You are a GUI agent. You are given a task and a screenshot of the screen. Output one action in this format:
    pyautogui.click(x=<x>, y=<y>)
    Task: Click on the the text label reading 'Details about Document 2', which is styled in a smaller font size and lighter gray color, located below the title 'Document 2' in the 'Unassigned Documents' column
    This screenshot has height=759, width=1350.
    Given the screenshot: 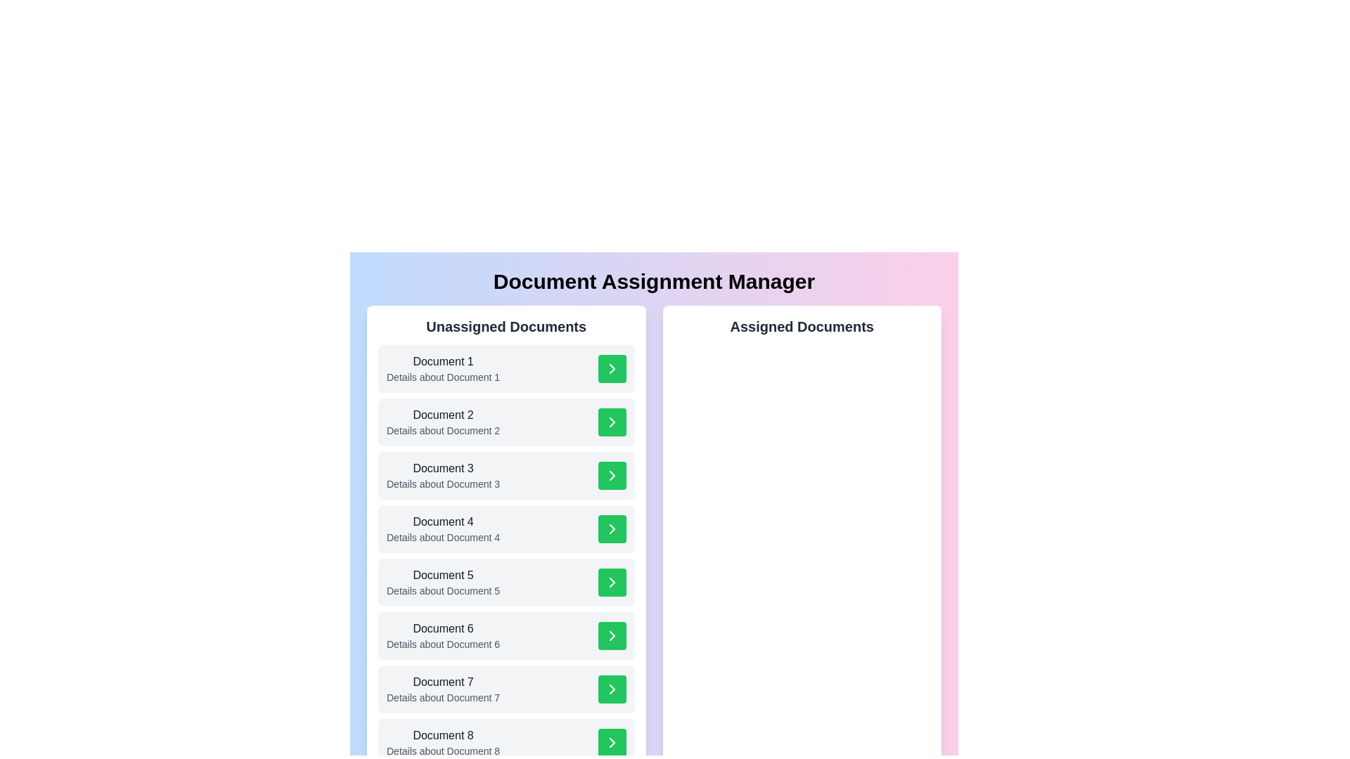 What is the action you would take?
    pyautogui.click(x=442, y=430)
    